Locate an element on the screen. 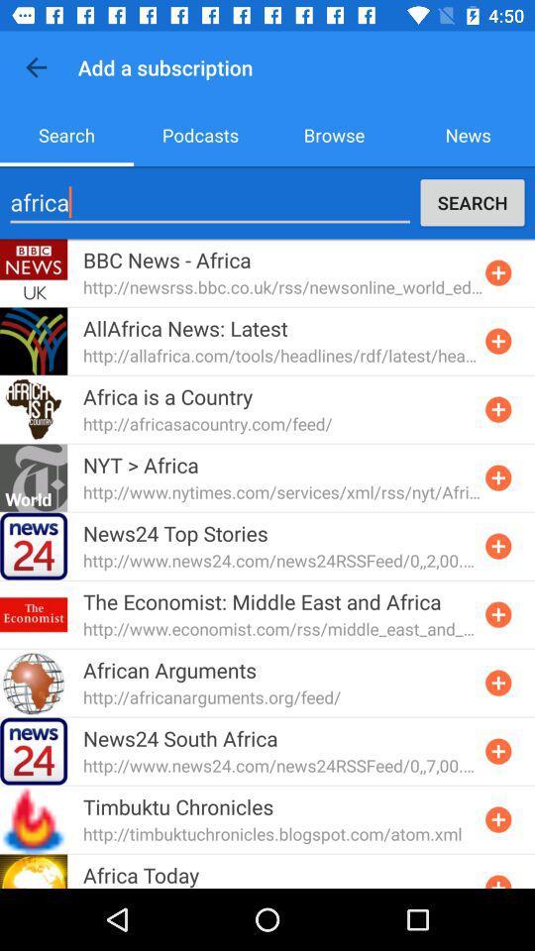  the news24 south africa is located at coordinates (180, 737).